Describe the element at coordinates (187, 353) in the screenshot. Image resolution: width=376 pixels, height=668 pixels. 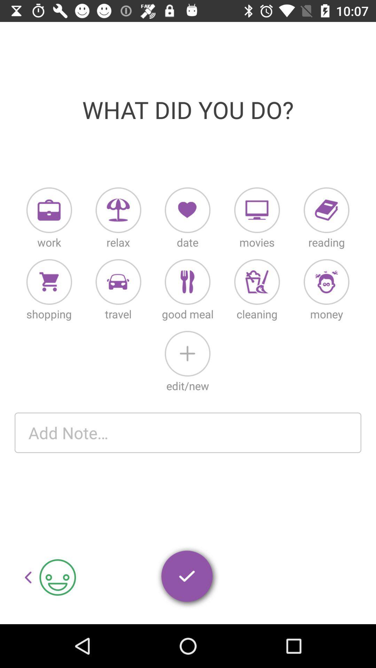
I see `the symbol above editnew` at that location.